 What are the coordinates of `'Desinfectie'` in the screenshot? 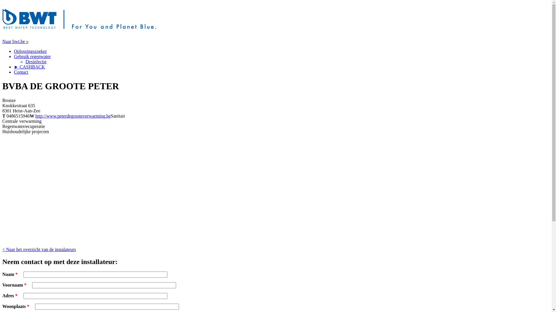 It's located at (36, 62).